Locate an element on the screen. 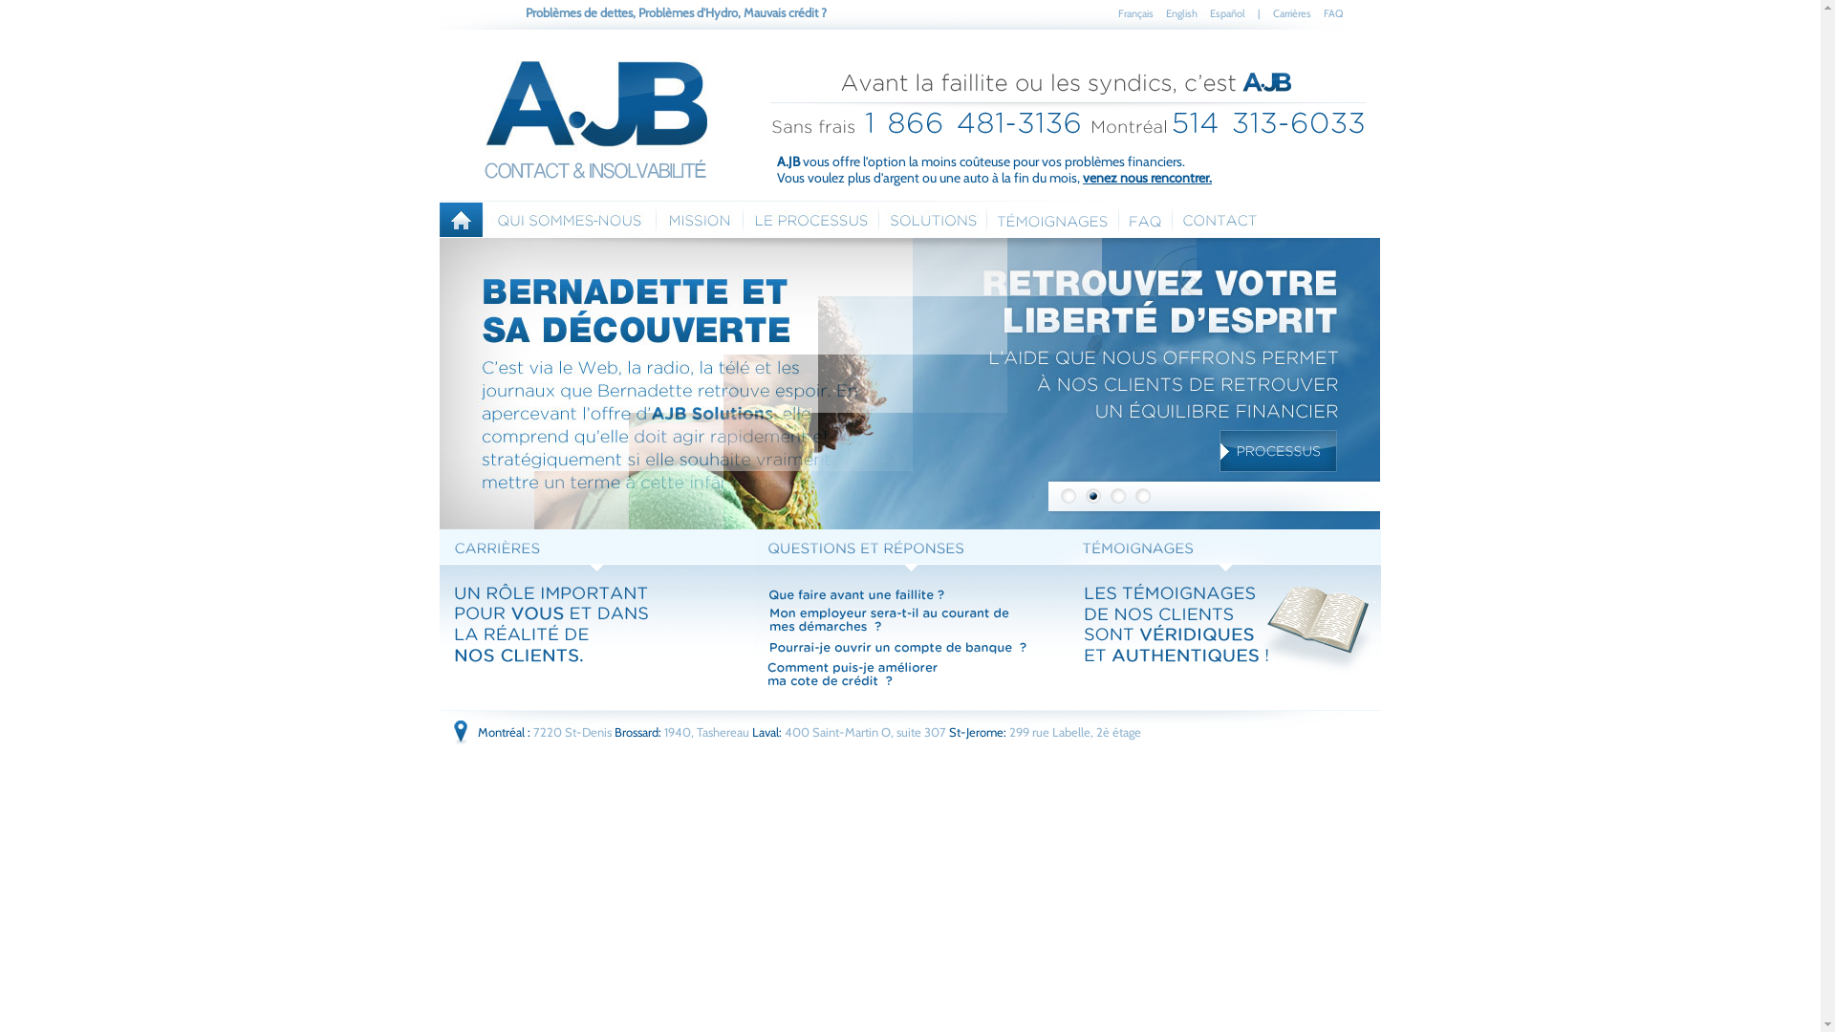  'venez nous rencontrer.' is located at coordinates (1147, 177).